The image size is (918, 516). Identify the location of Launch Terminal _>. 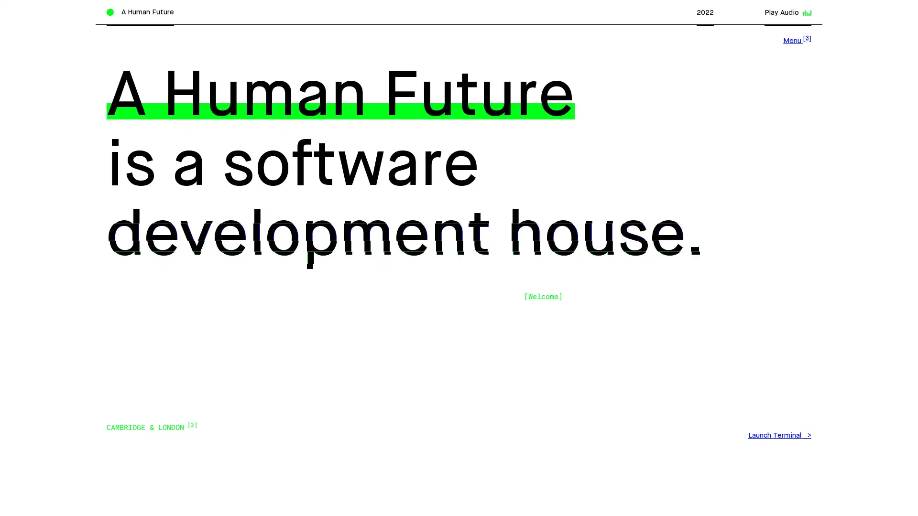
(779, 435).